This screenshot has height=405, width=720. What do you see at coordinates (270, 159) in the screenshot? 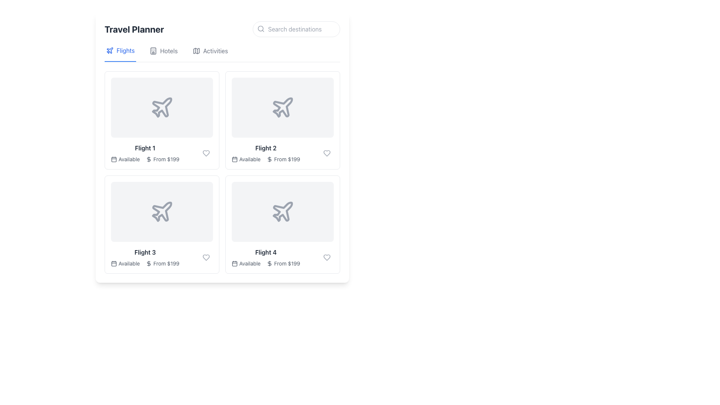
I see `the dollar sign icon located before the text 'From $199' in the second card labeled 'Flight 2'` at bounding box center [270, 159].